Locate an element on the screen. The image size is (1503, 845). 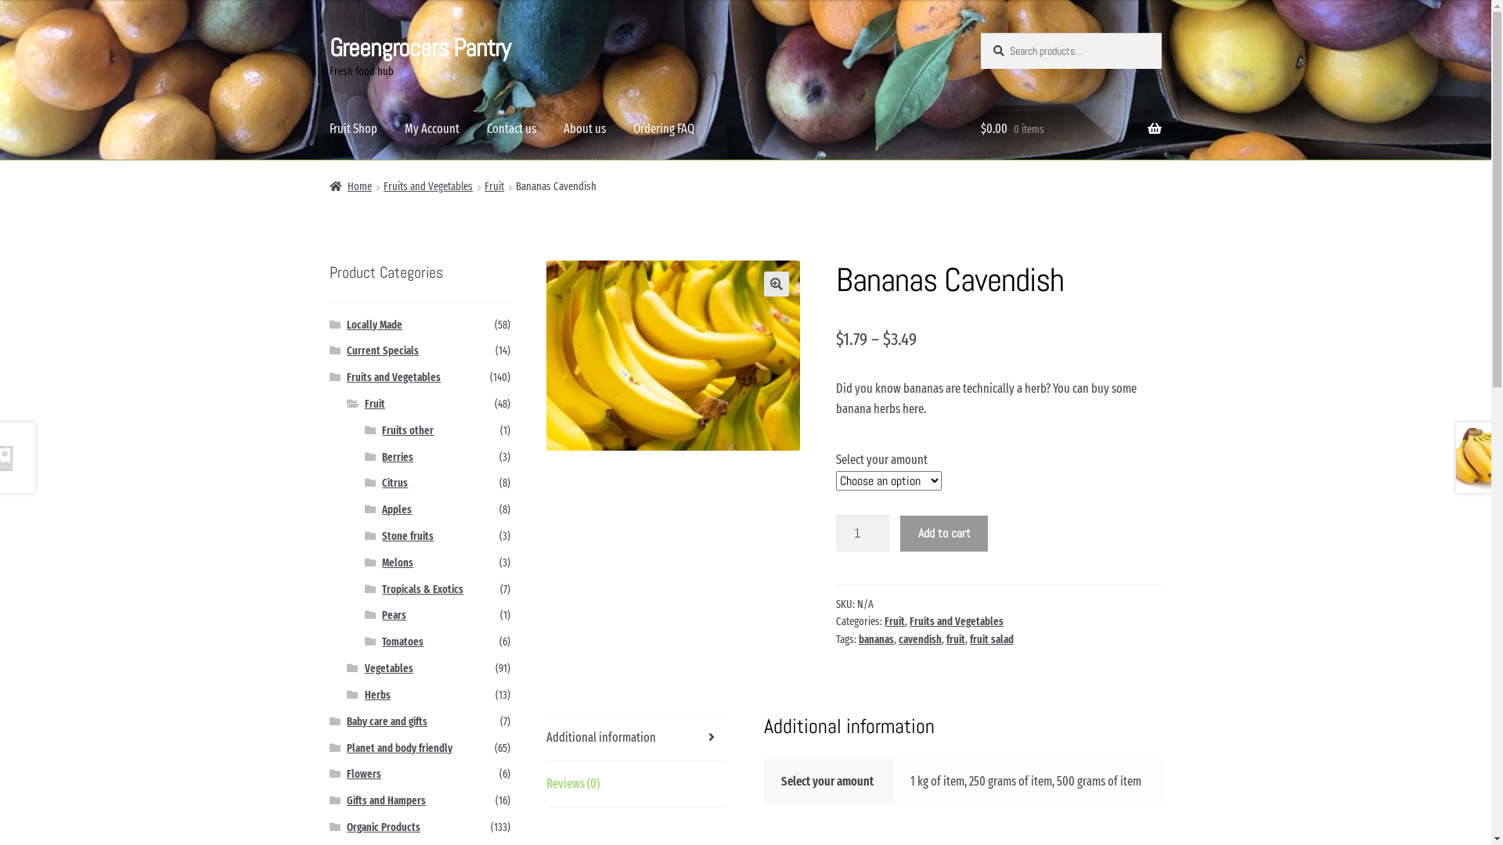
'fruit' is located at coordinates (954, 639).